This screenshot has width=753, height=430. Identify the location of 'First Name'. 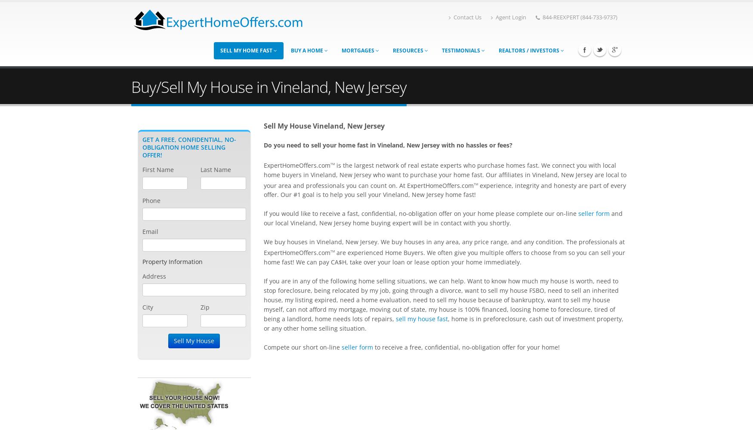
(158, 169).